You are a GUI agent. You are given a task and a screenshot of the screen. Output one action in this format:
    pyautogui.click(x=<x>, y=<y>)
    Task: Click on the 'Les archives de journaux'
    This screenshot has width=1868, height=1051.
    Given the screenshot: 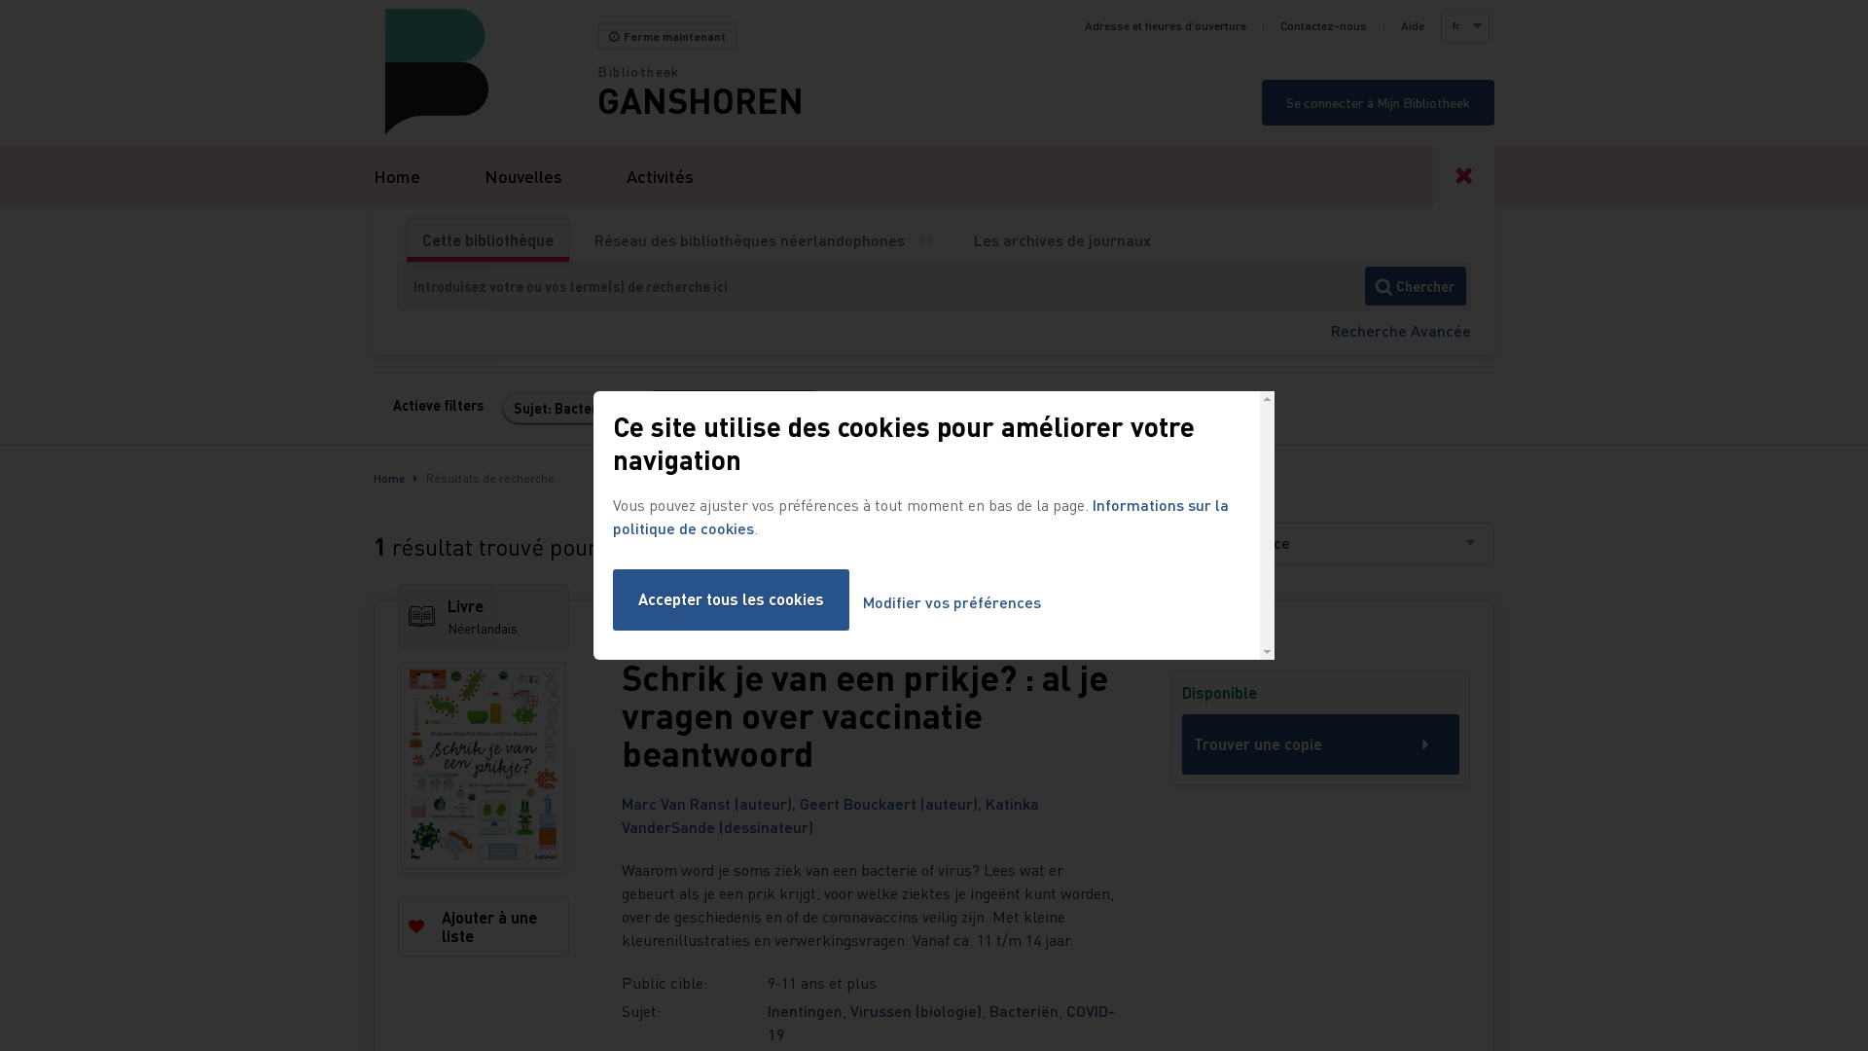 What is the action you would take?
    pyautogui.click(x=1060, y=238)
    